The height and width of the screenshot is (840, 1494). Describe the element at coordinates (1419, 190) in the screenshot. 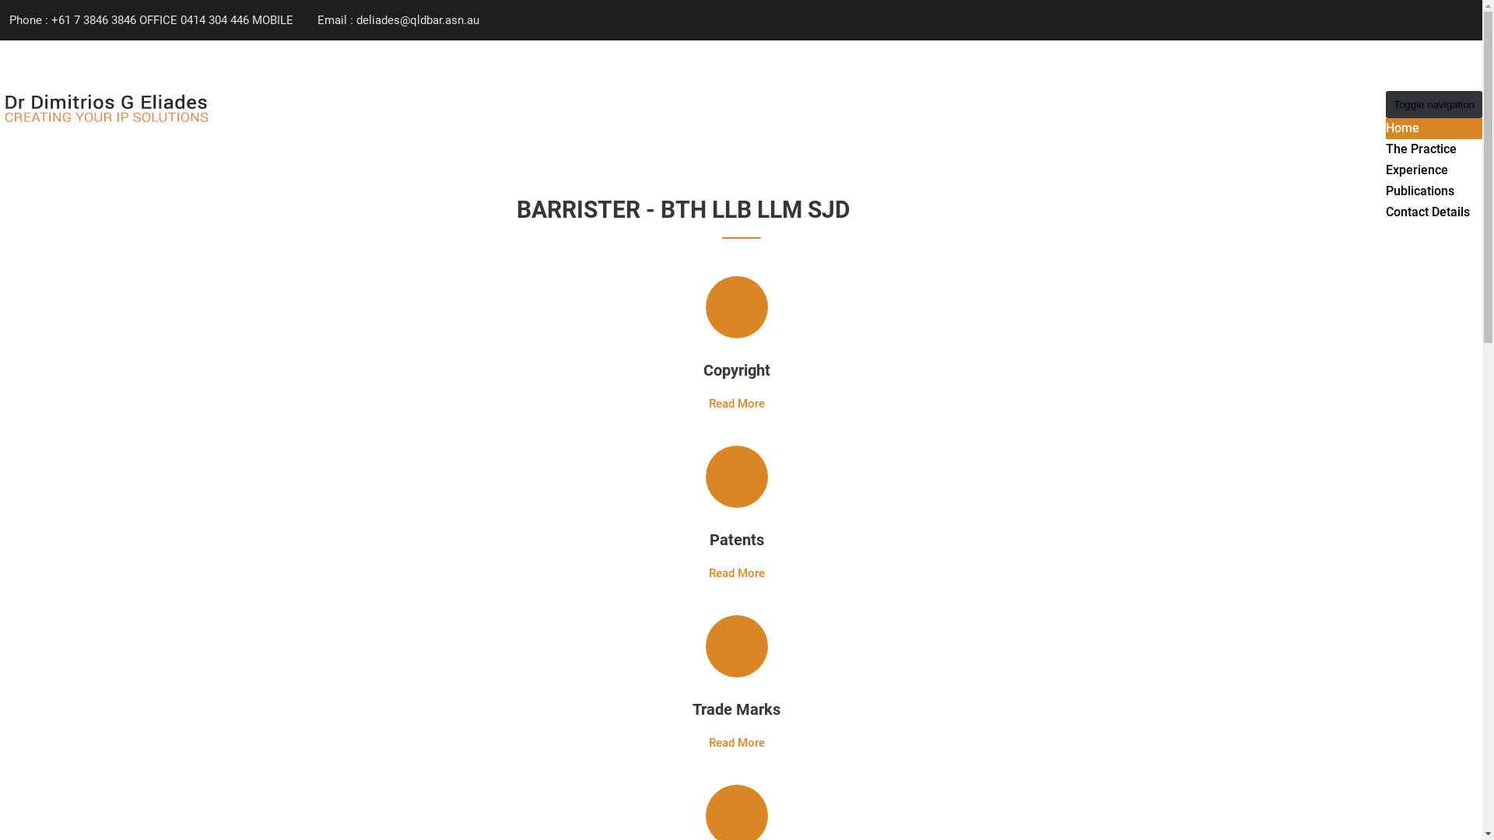

I see `'Publications'` at that location.